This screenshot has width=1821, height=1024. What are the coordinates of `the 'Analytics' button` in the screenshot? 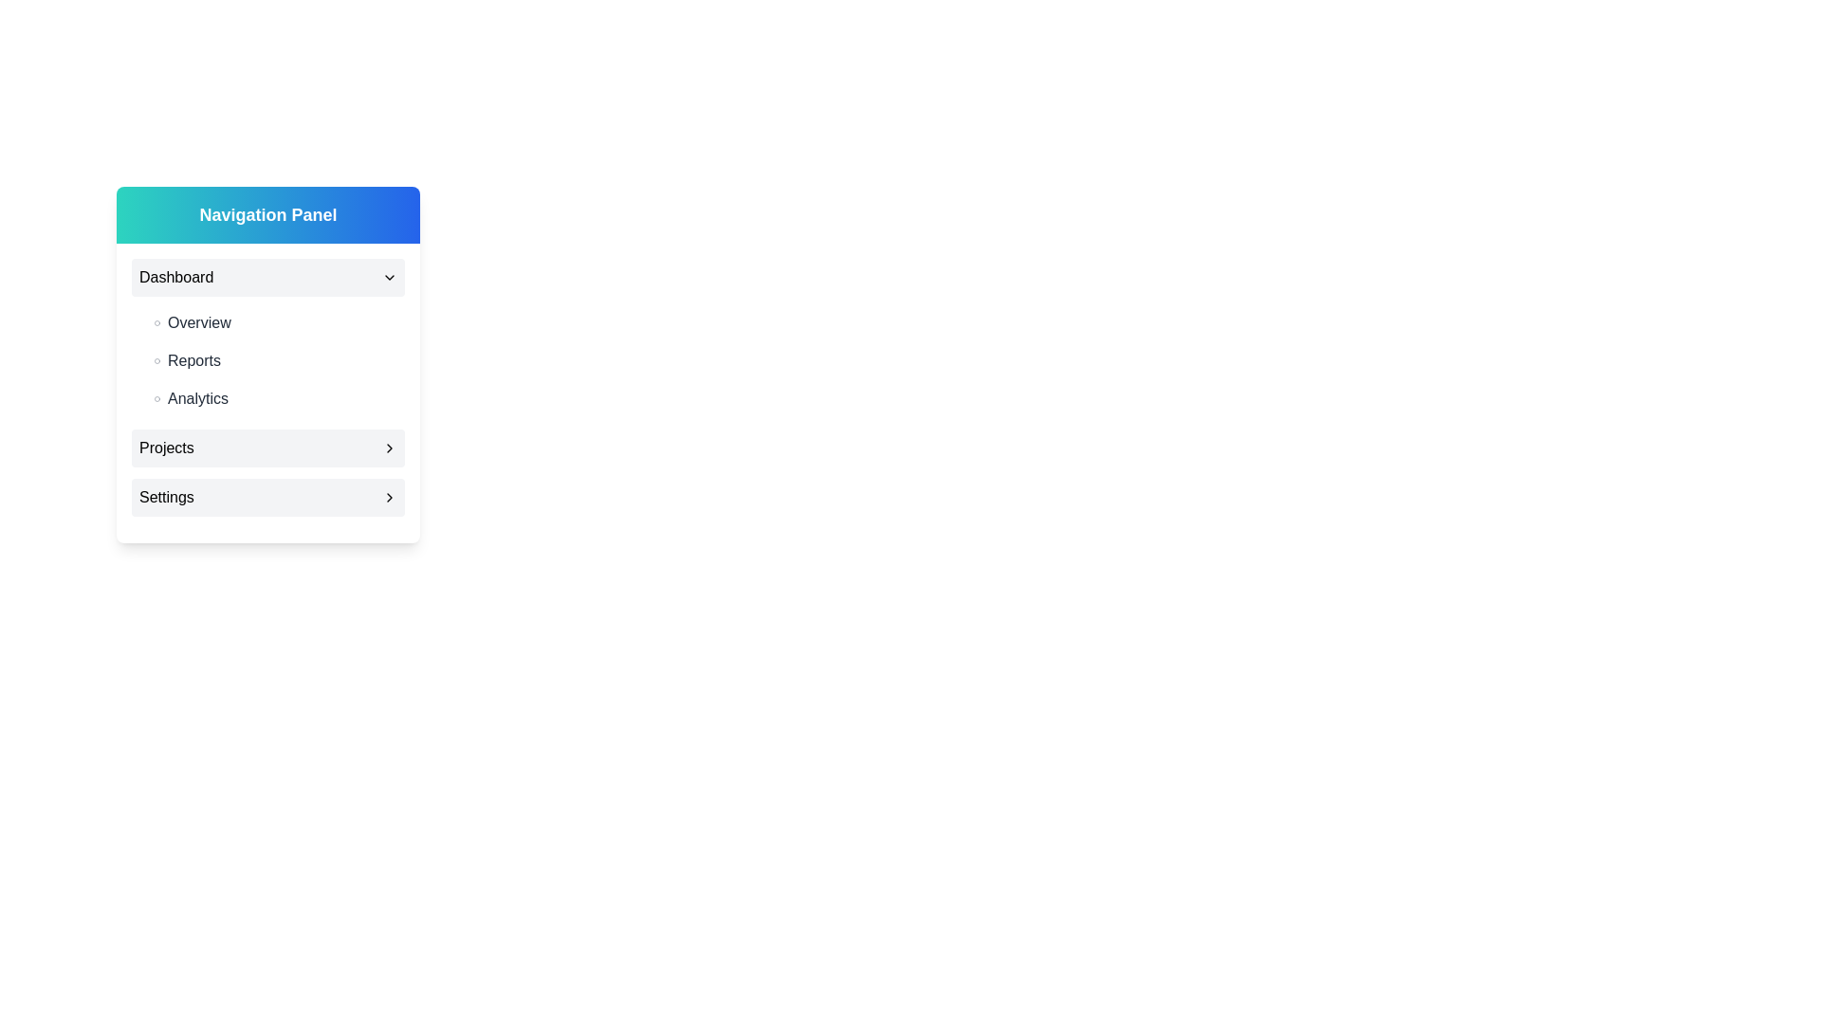 It's located at (275, 397).